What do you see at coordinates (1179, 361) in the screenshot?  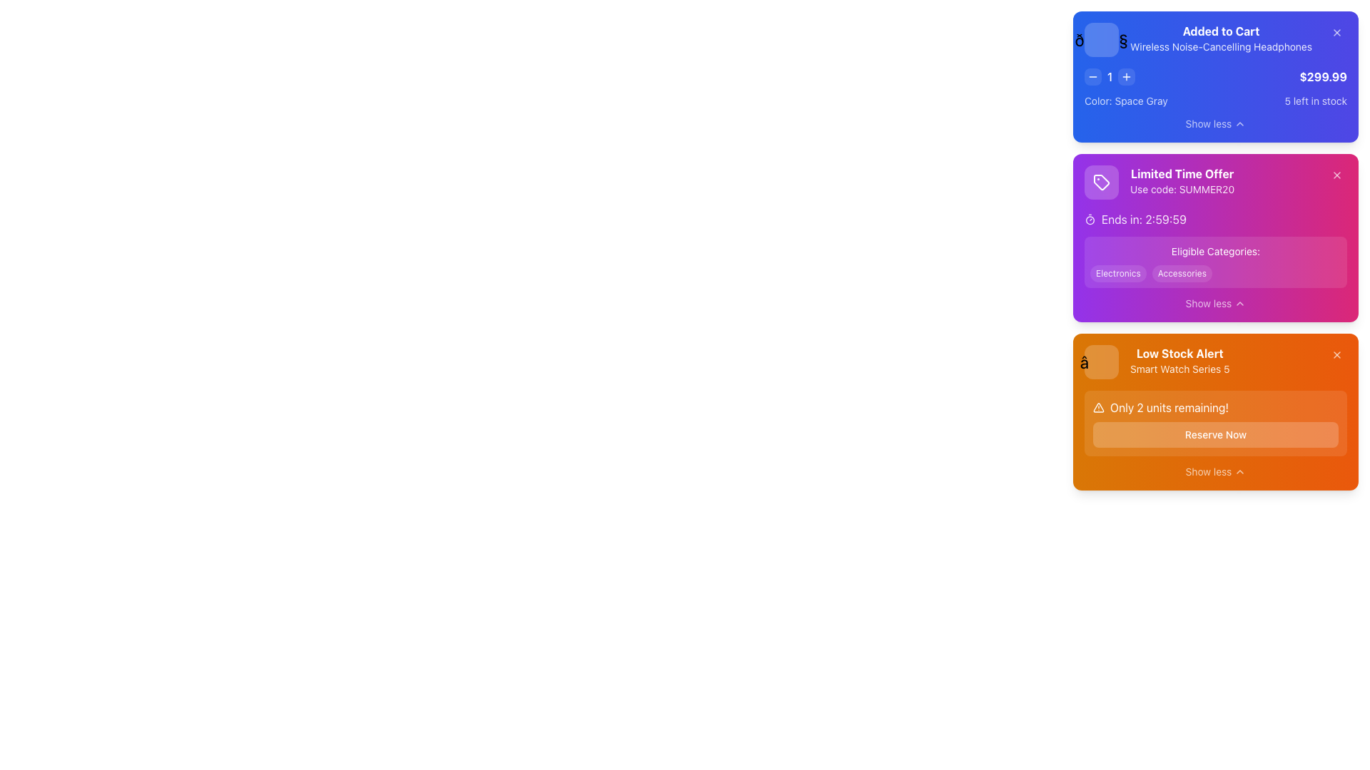 I see `text label displaying 'Low Stock Alert' and 'Smart Watch Series 5' on the orange background` at bounding box center [1179, 361].